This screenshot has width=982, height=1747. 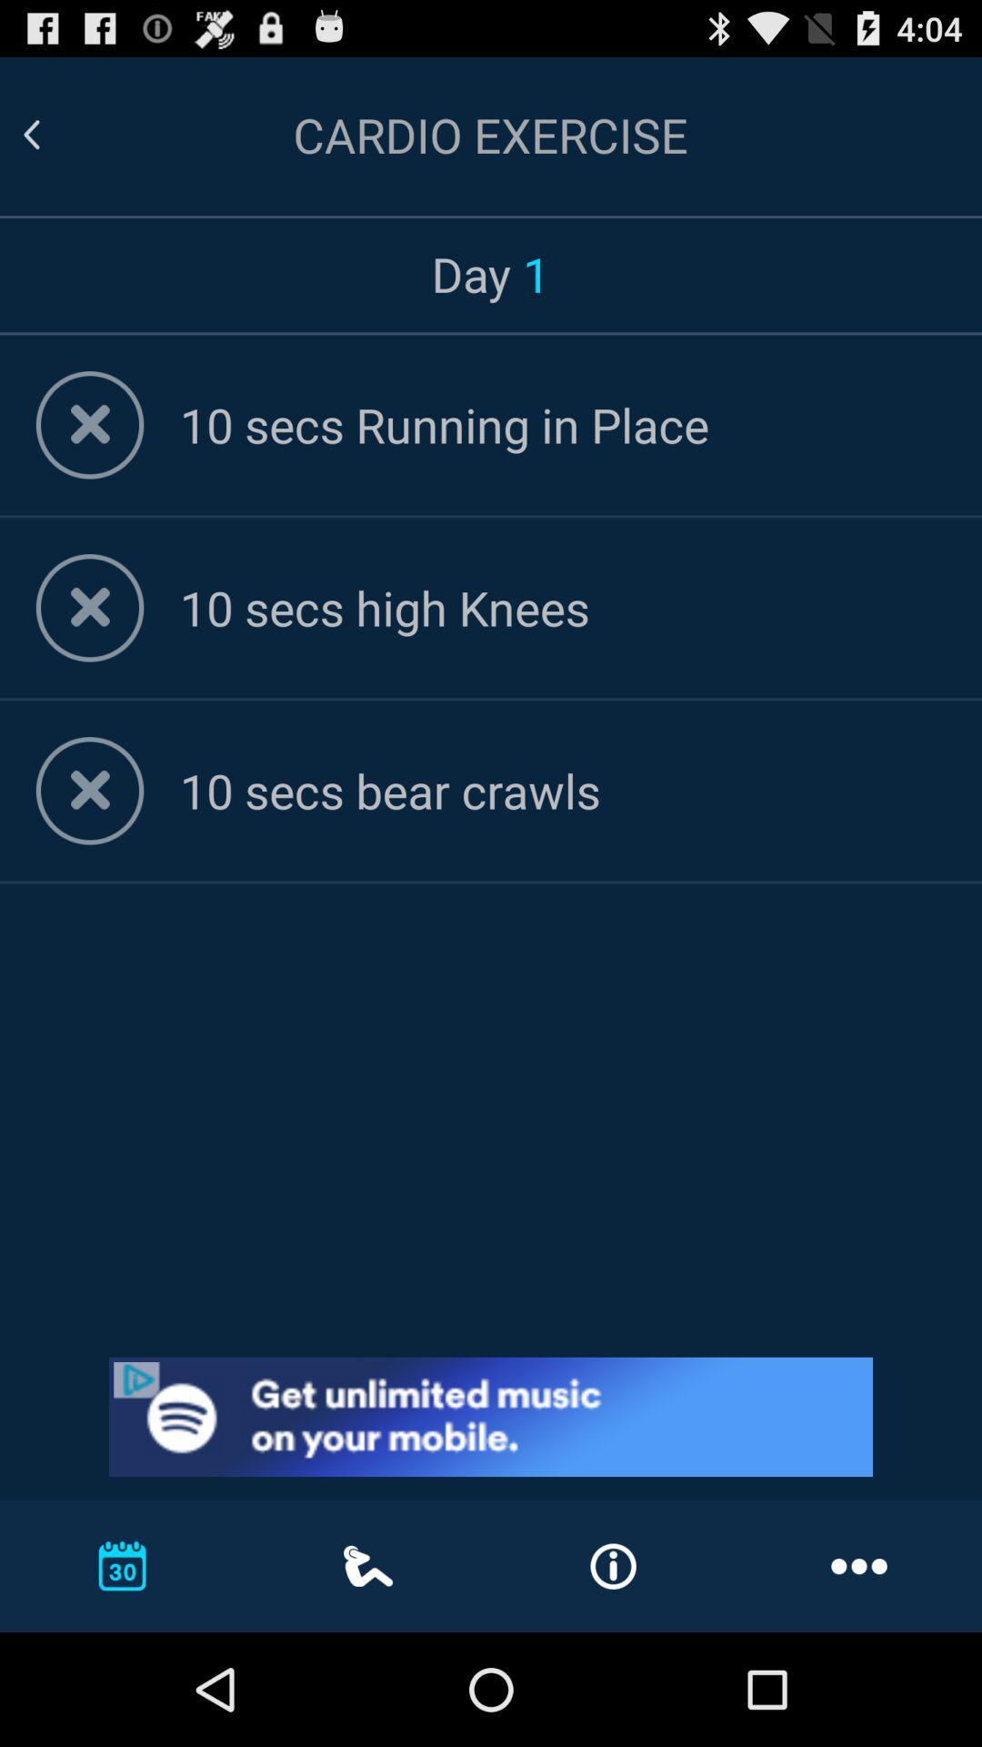 I want to click on the arrow_backward icon, so click(x=53, y=143).